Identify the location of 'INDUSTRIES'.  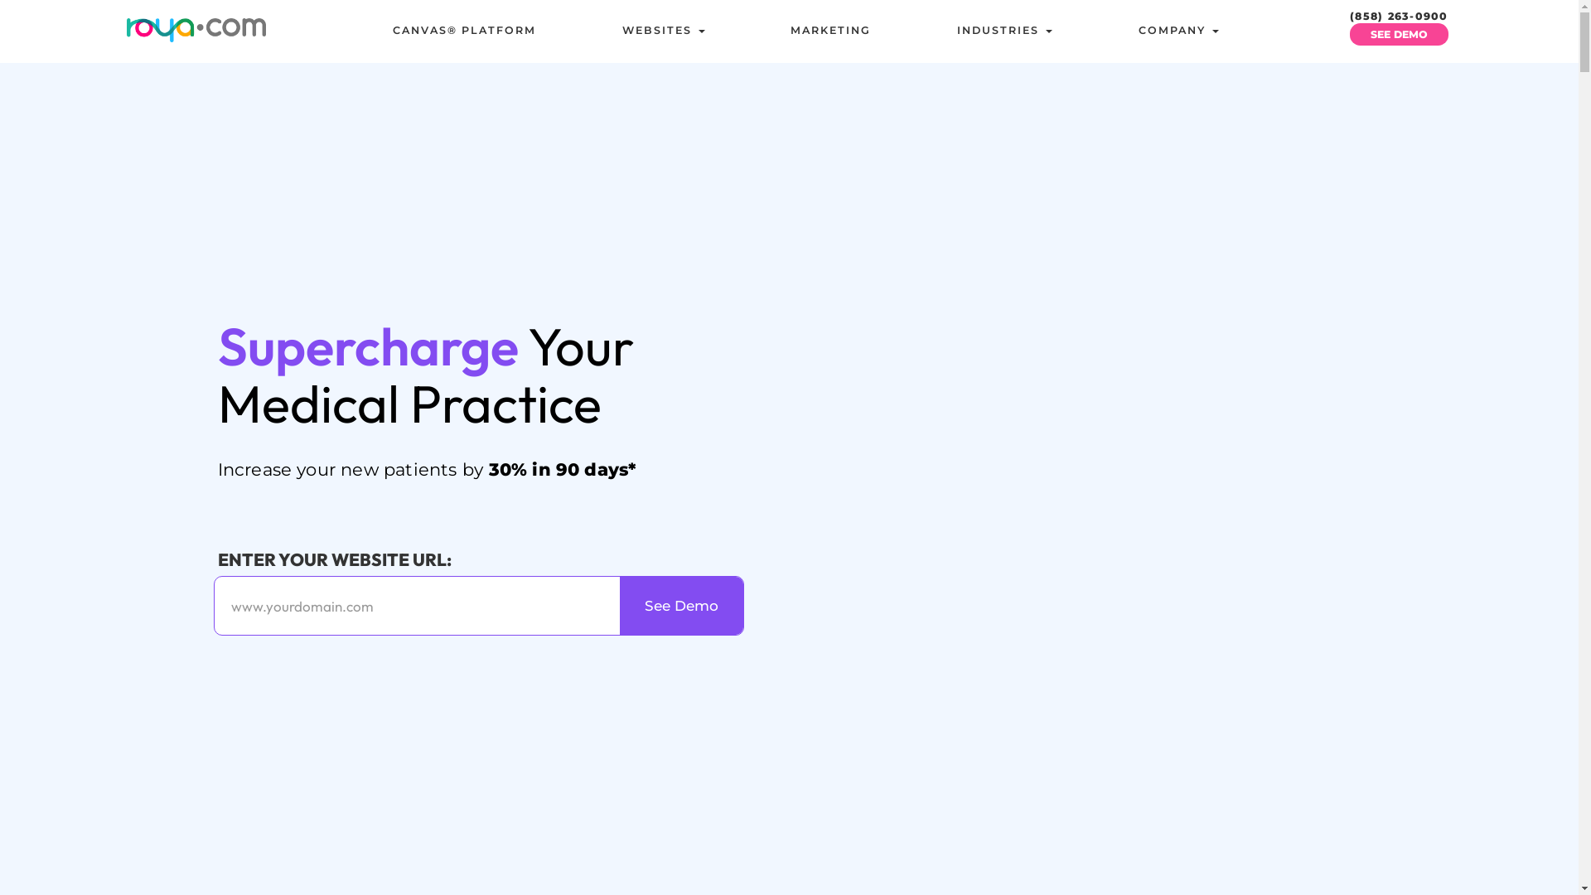
(1003, 31).